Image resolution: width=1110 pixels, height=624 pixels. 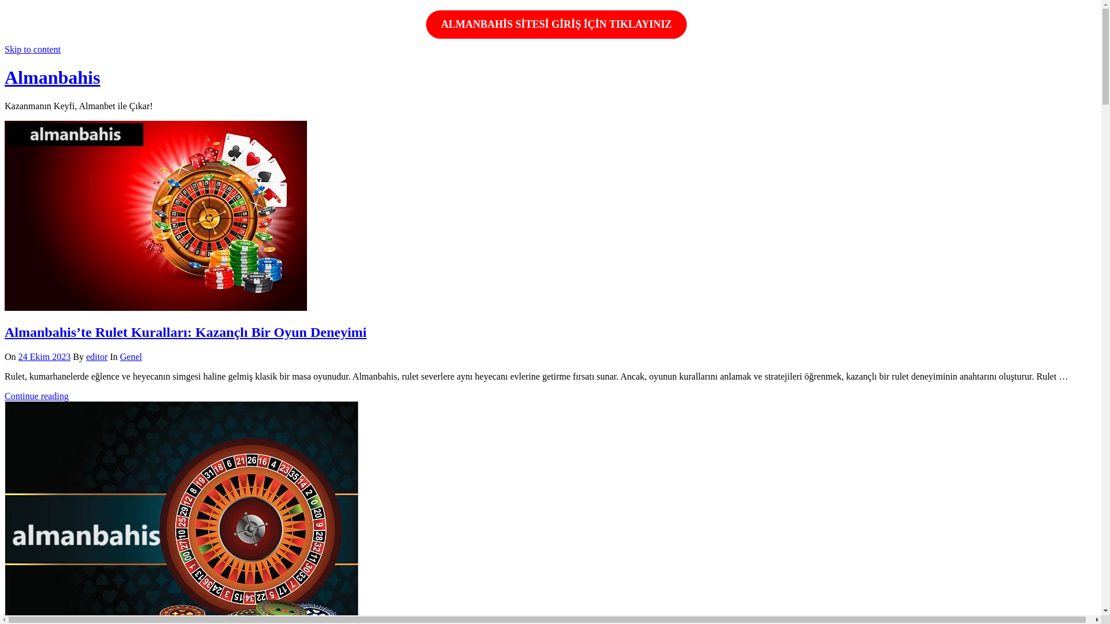 I want to click on 'Continue reading', so click(x=36, y=395).